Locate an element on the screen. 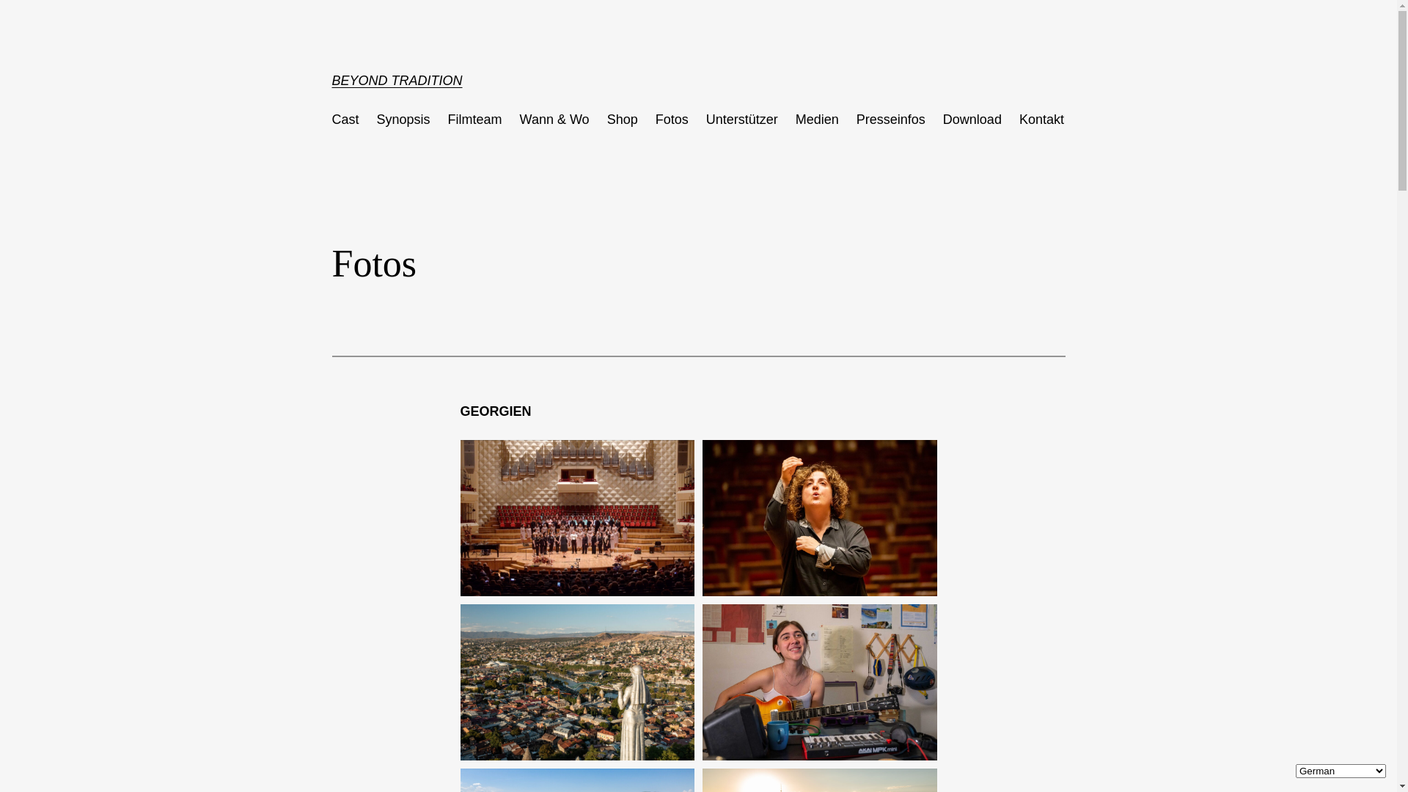  'Kontakt' is located at coordinates (1041, 119).